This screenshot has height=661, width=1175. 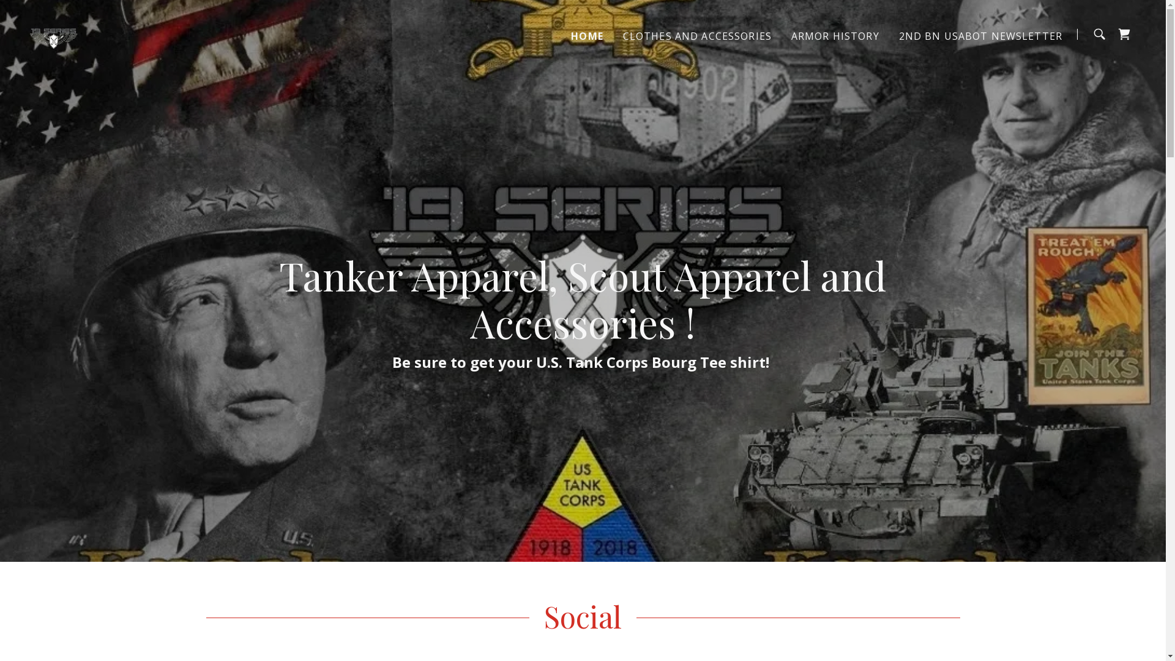 What do you see at coordinates (29, 32) in the screenshot?
I see `'19 Series'` at bounding box center [29, 32].